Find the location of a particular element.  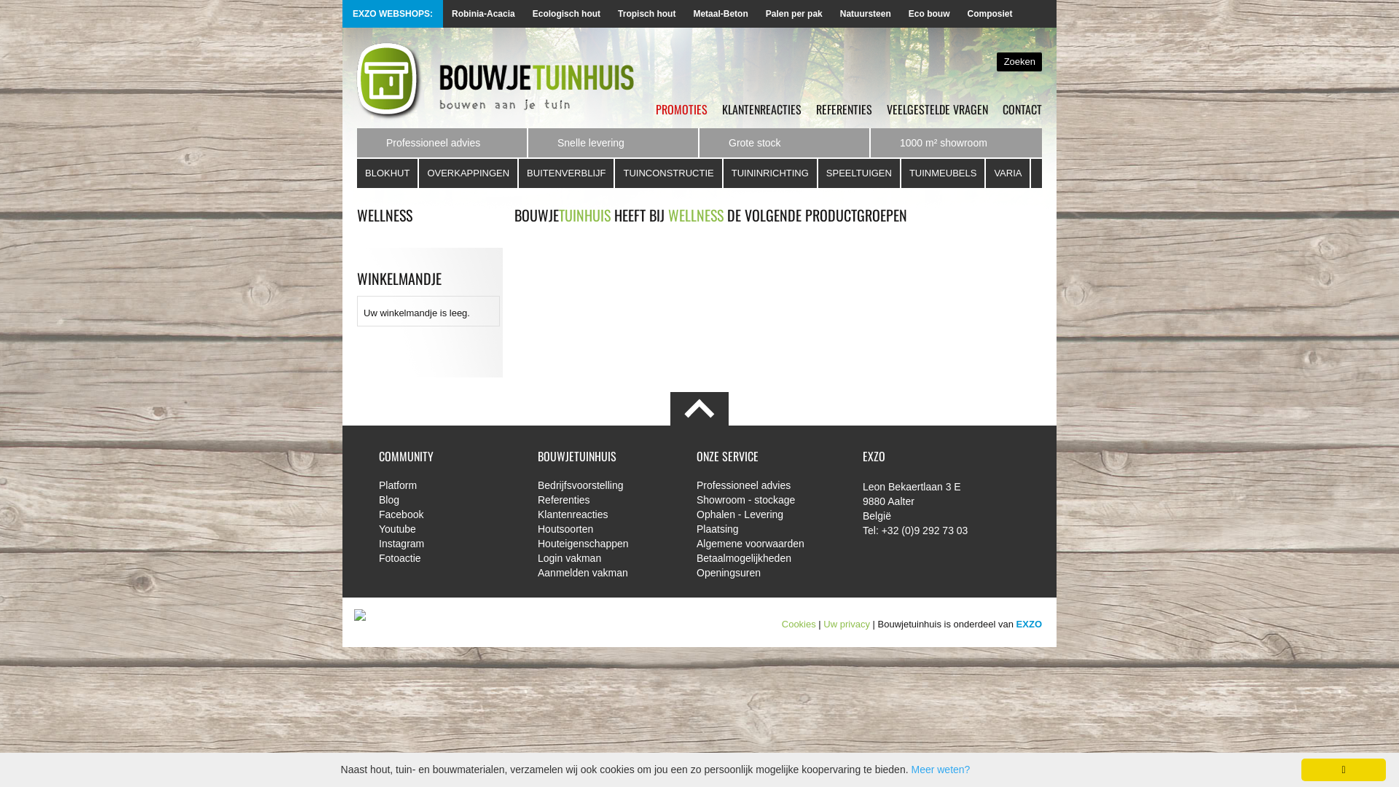

'Facebook' is located at coordinates (447, 513).